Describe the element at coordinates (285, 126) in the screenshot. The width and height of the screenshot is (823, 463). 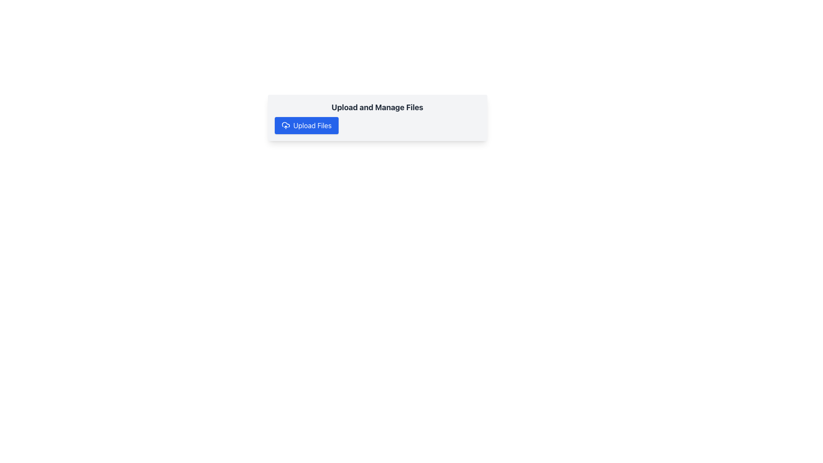
I see `the button that includes the upload icon and the text 'Upload Files' to initiate the file upload process` at that location.